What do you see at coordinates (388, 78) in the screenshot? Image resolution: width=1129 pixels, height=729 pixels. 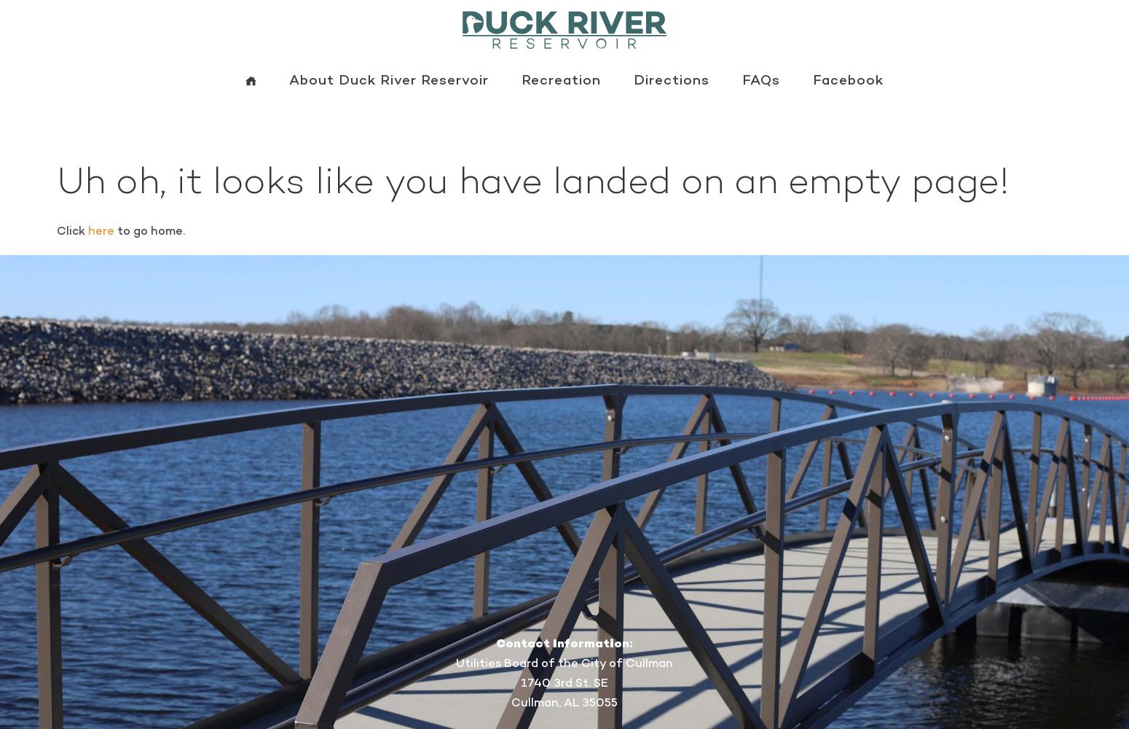 I see `'About Duck River Reservoir'` at bounding box center [388, 78].